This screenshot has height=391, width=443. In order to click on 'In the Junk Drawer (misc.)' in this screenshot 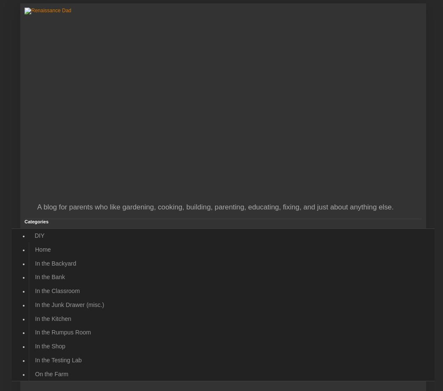, I will do `click(35, 304)`.